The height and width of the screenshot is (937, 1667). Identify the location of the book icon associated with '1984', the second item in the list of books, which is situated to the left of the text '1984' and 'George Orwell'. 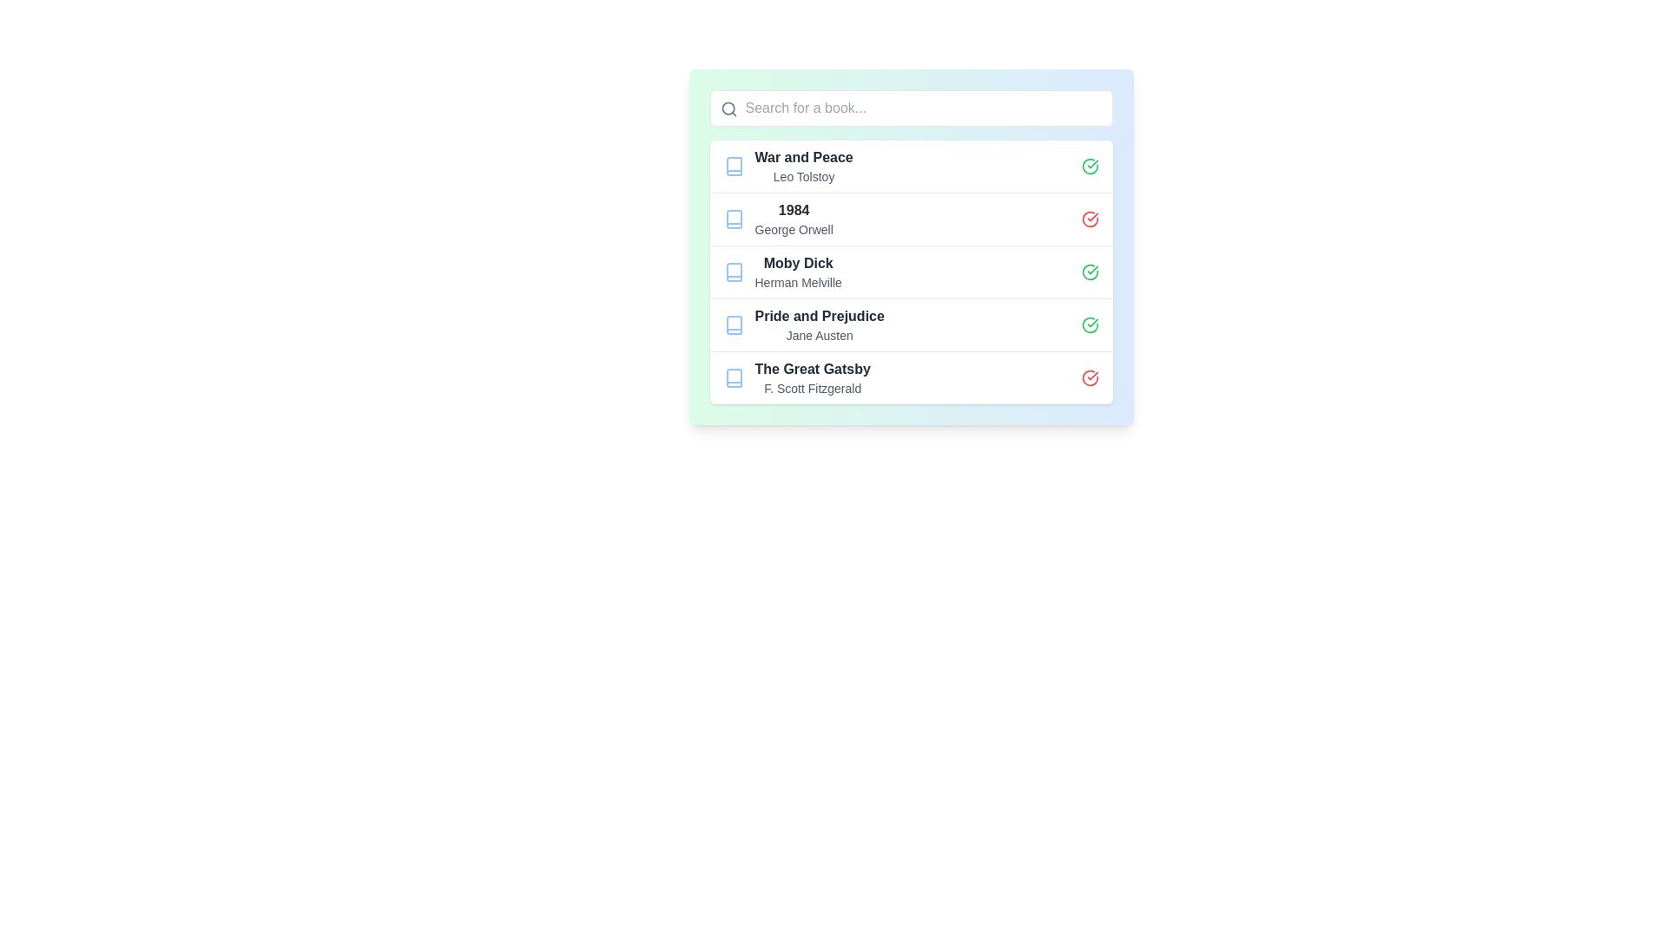
(734, 219).